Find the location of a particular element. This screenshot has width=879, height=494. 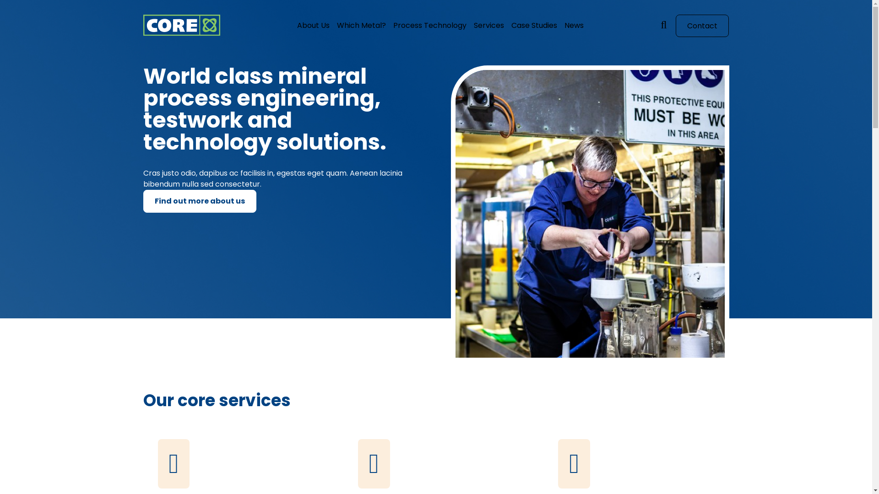

'Process Technology' is located at coordinates (429, 25).